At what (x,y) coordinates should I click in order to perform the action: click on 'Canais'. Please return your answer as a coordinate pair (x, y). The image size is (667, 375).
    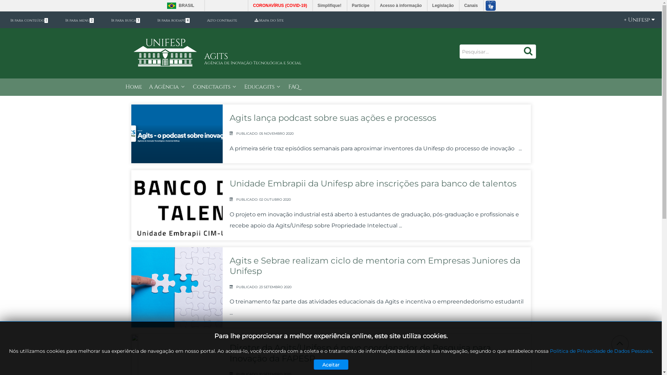
    Looking at the image, I should click on (471, 5).